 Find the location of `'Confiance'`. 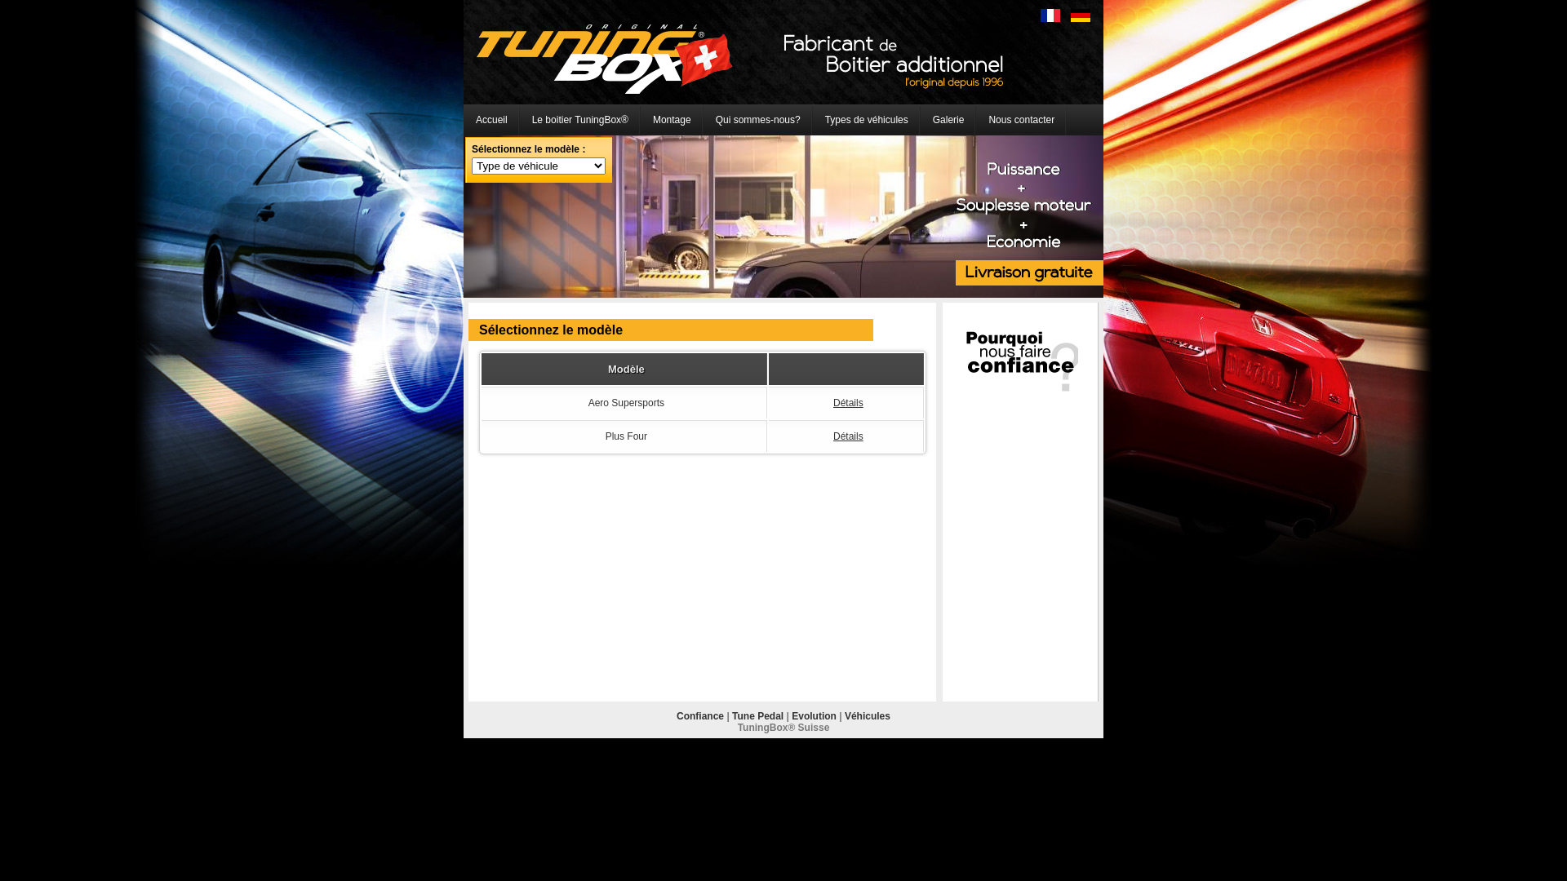

'Confiance' is located at coordinates (700, 715).